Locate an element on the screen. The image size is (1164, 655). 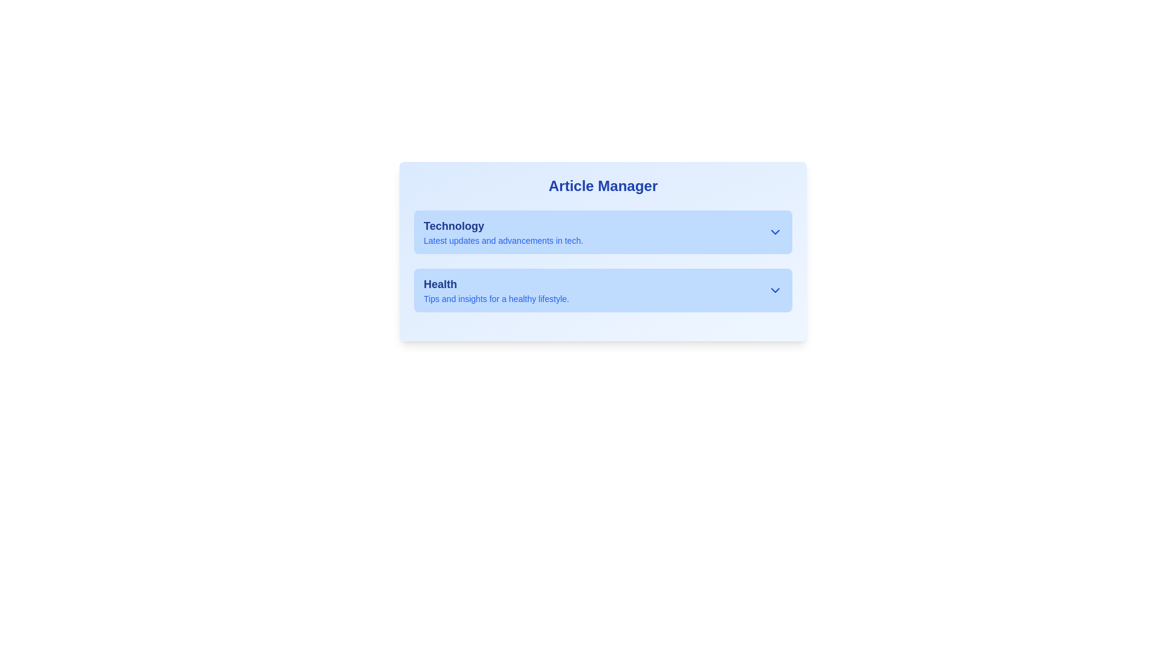
the 'Technology' category selector is located at coordinates (603, 232).